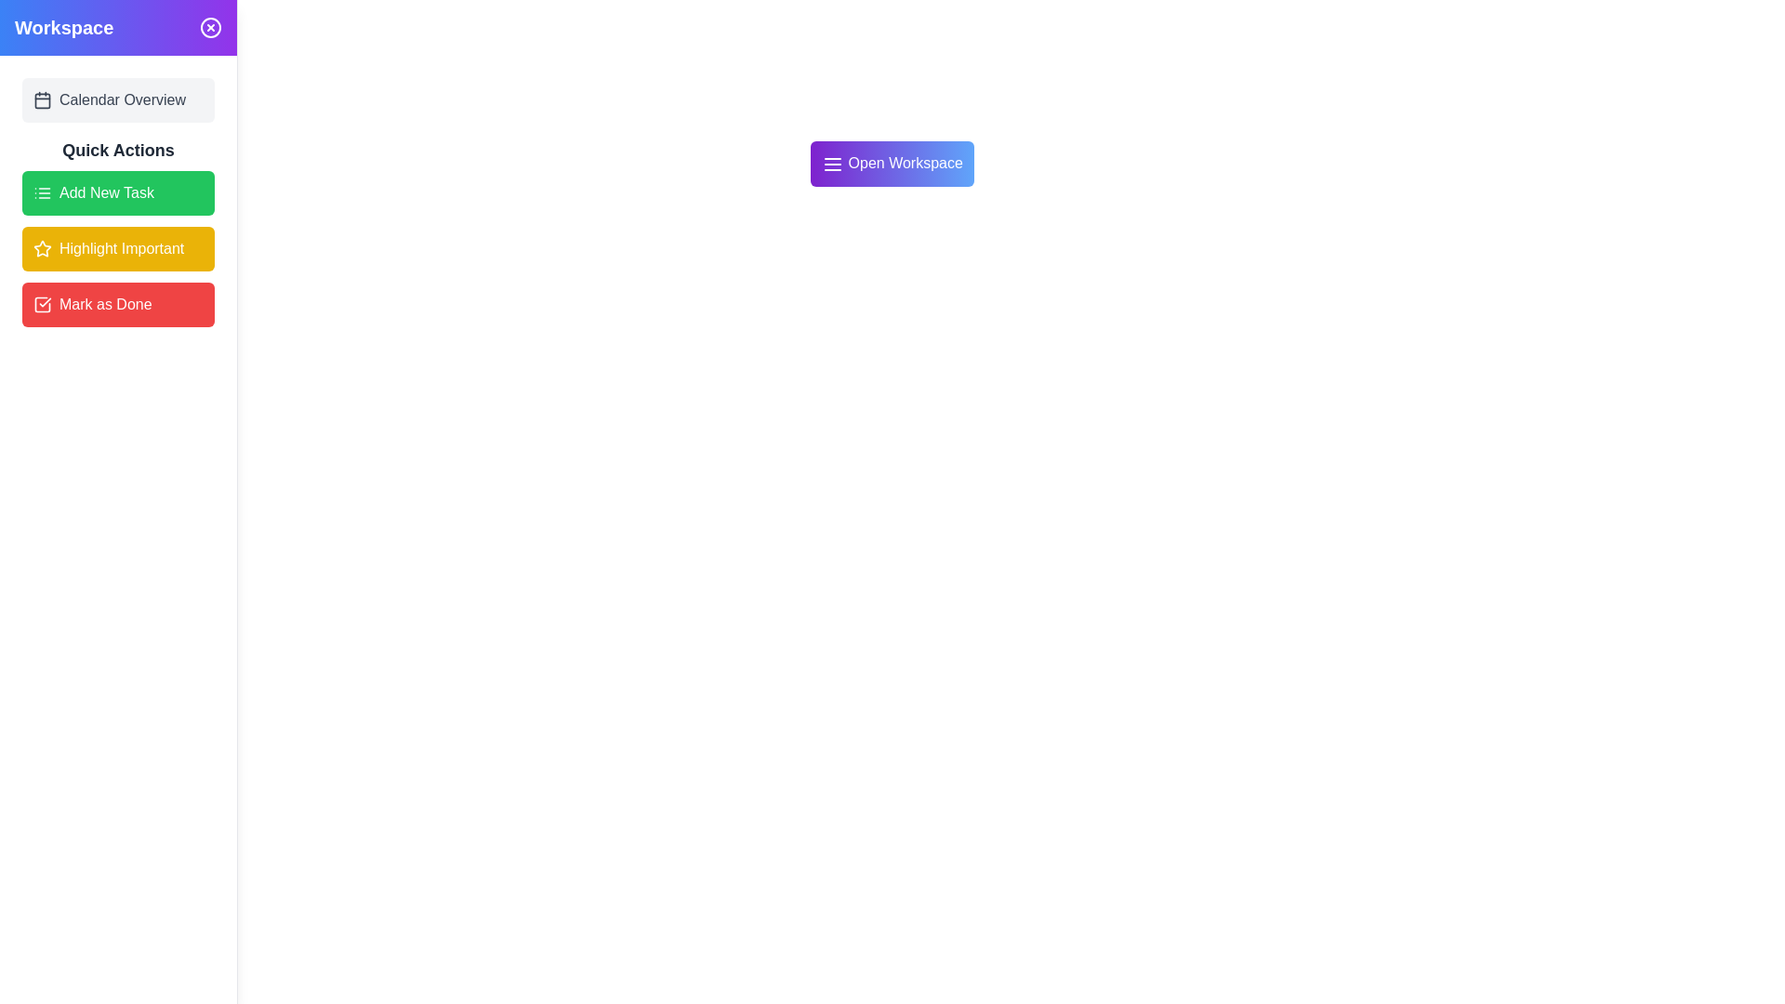  I want to click on the 'Workspace' label, which is a large, bold white text located in the top-left corner of the interface with a gradient blue to purple background, so click(64, 28).